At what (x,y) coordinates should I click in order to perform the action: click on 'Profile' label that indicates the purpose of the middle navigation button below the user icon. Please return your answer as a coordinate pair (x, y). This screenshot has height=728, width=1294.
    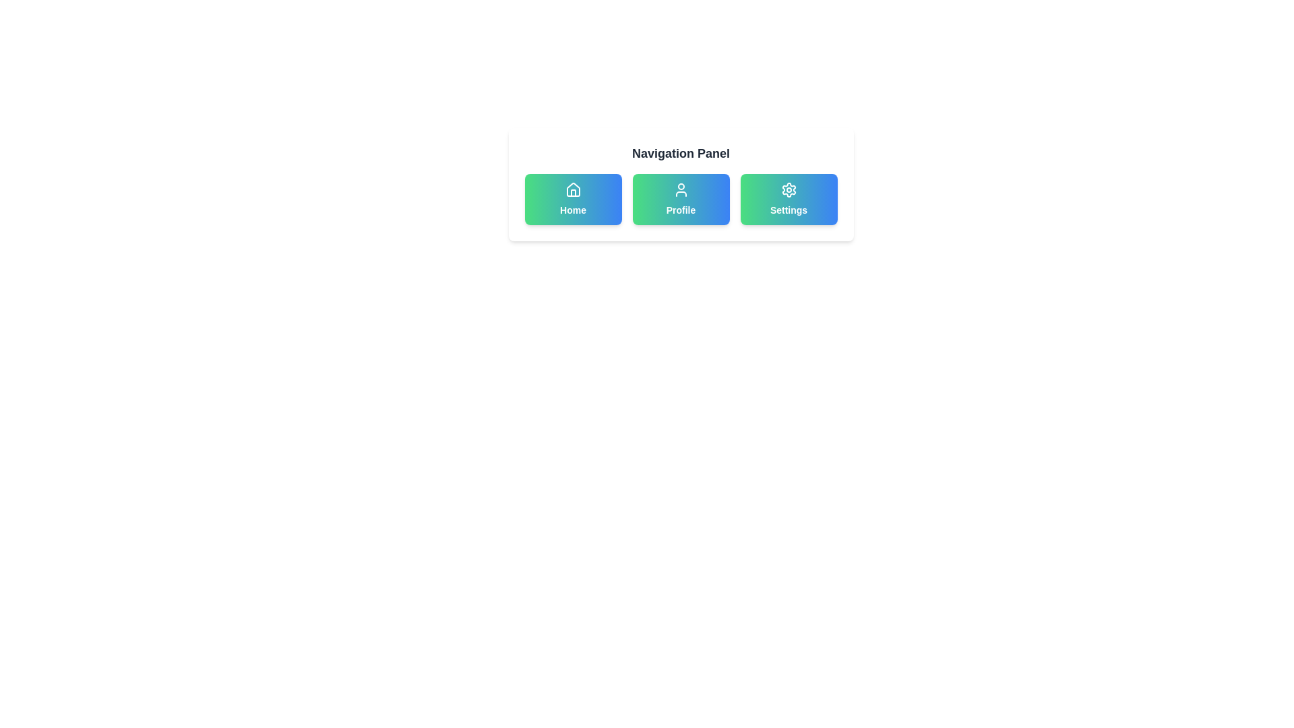
    Looking at the image, I should click on (681, 210).